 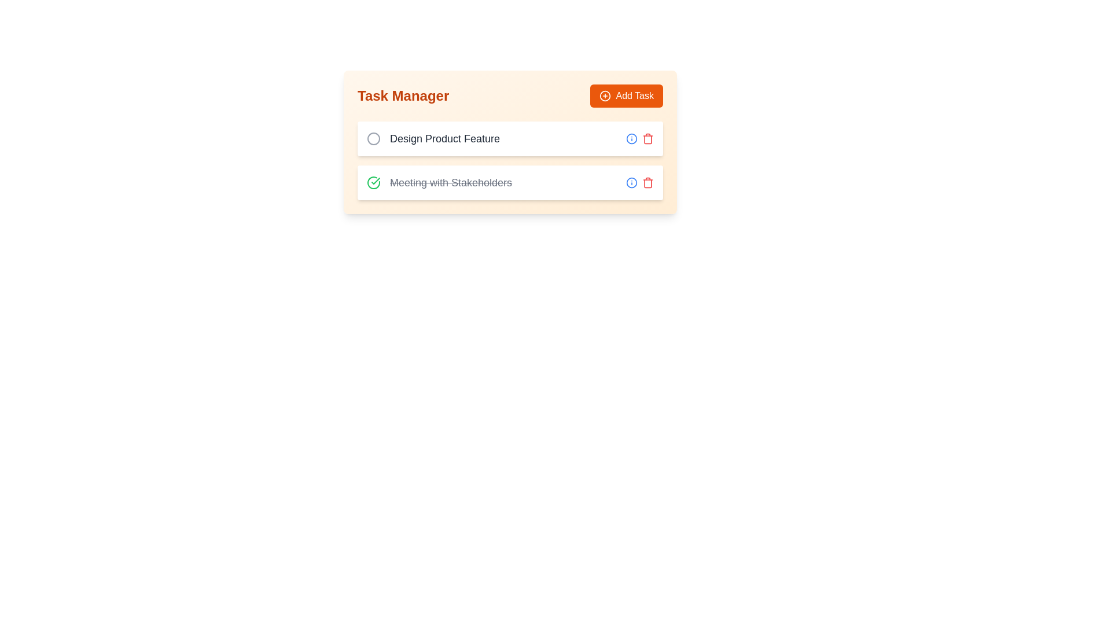 What do you see at coordinates (450, 182) in the screenshot?
I see `the text label displaying the name of the completed task, which is located in the second task entry of the vertical task list, positioned to the right of a green checkmark icon` at bounding box center [450, 182].